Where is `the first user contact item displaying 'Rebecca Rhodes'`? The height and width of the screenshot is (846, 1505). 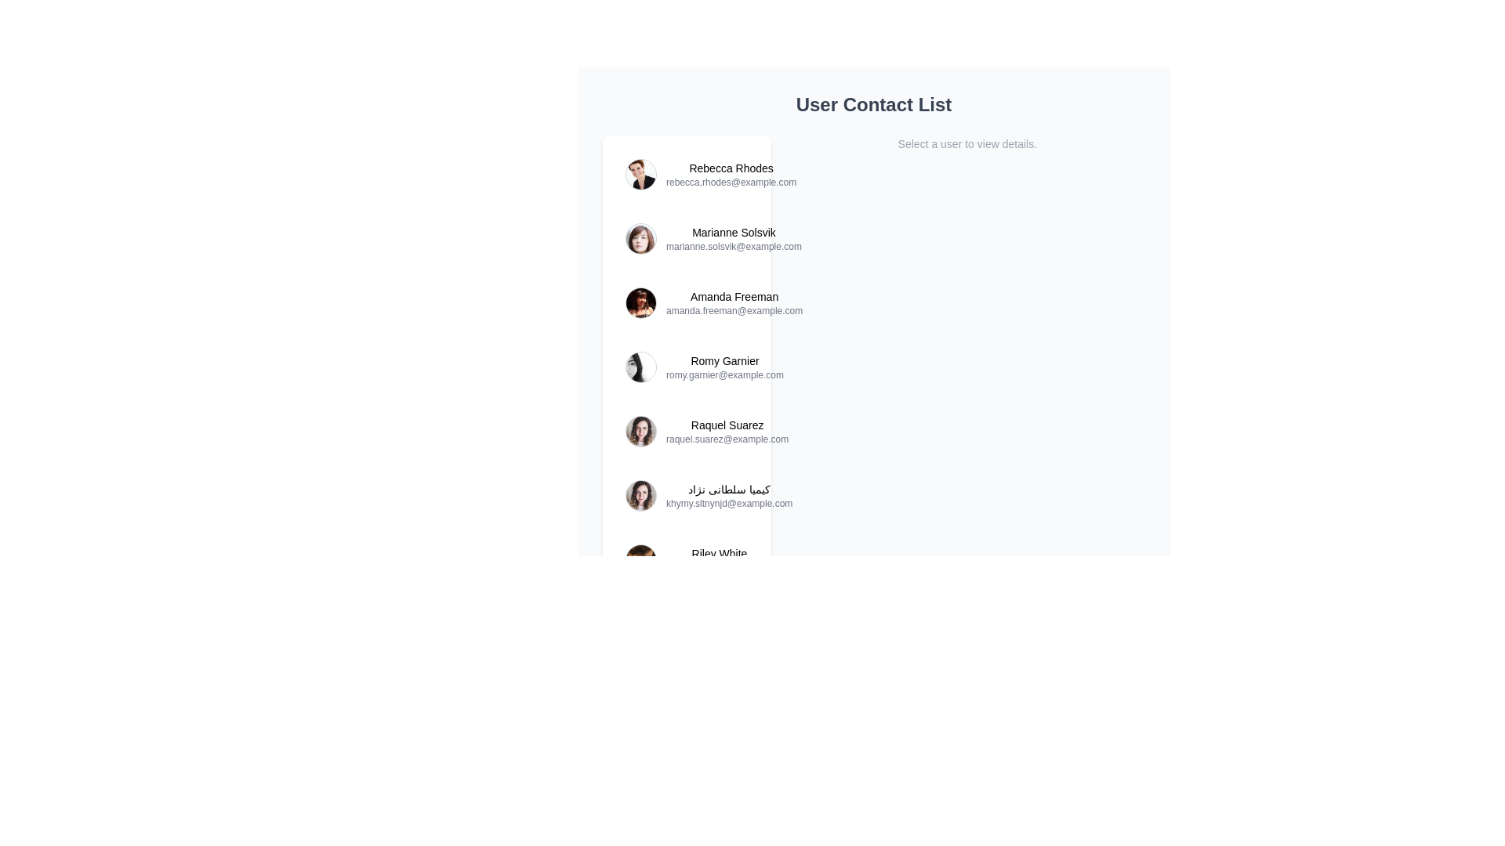
the first user contact item displaying 'Rebecca Rhodes' is located at coordinates (687, 175).